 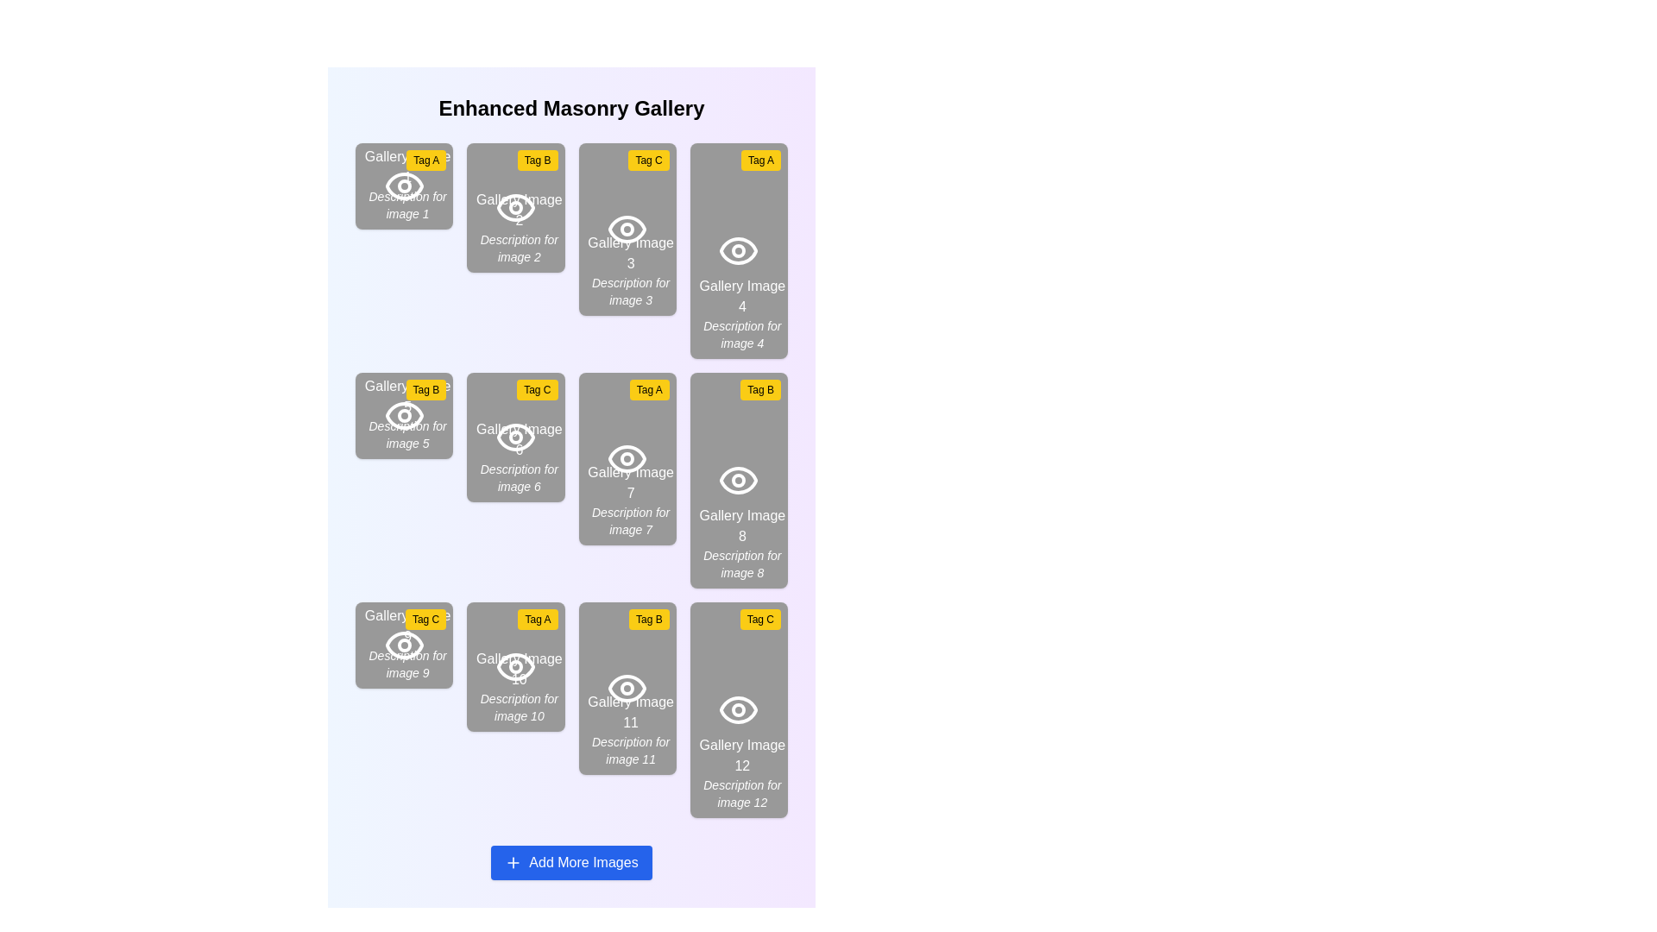 What do you see at coordinates (627, 688) in the screenshot?
I see `the inner circle of the eye icon representing 'Gallery Image 11' tile` at bounding box center [627, 688].